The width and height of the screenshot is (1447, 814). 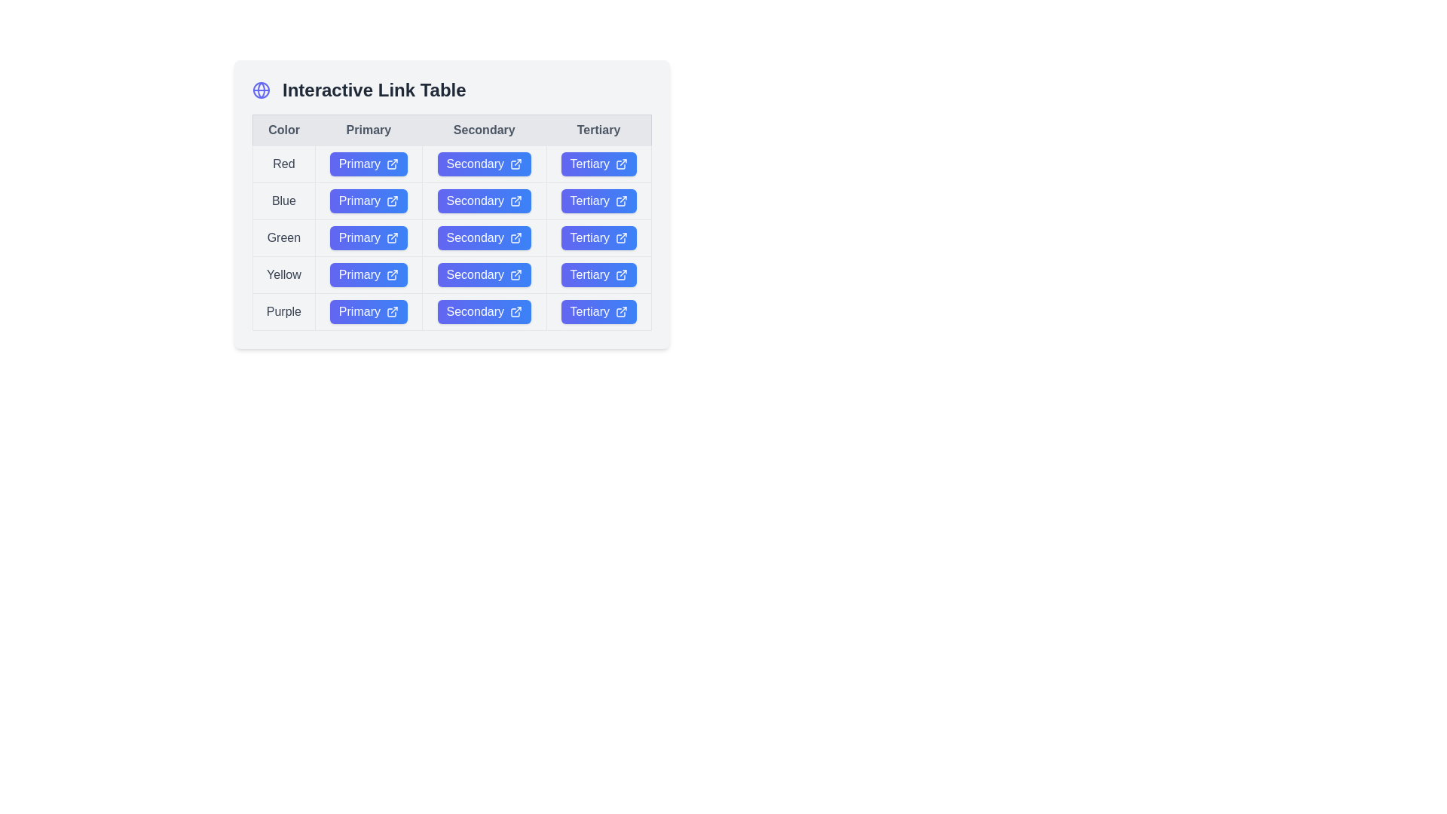 What do you see at coordinates (598, 200) in the screenshot?
I see `the 'Tertiary' button with an external link icon, which is located in the 'Blue' row of the table and has gradient colors transitioning from indigo to blue` at bounding box center [598, 200].